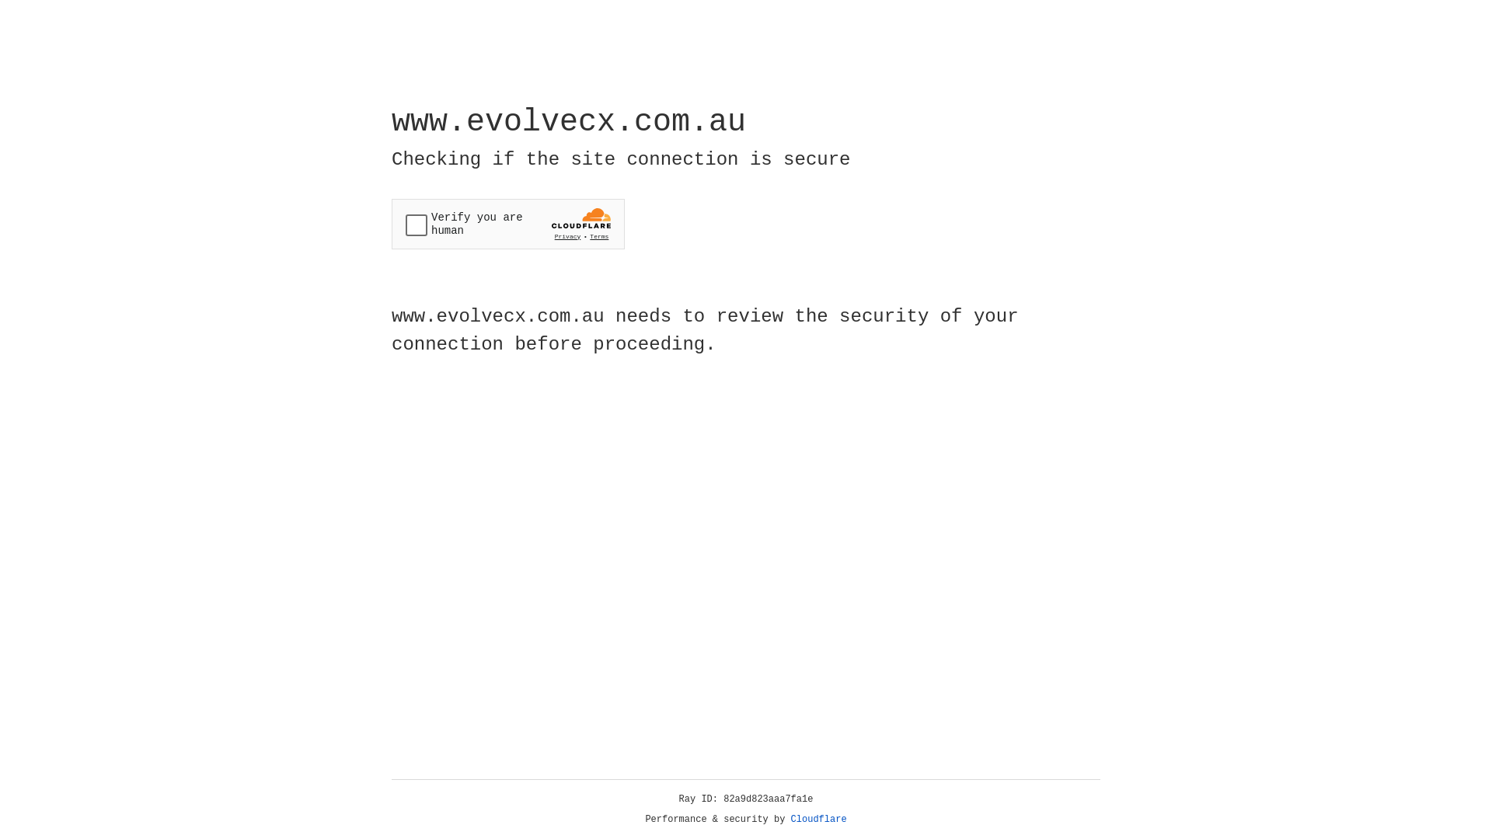  Describe the element at coordinates (790, 819) in the screenshot. I see `'Cloudflare'` at that location.